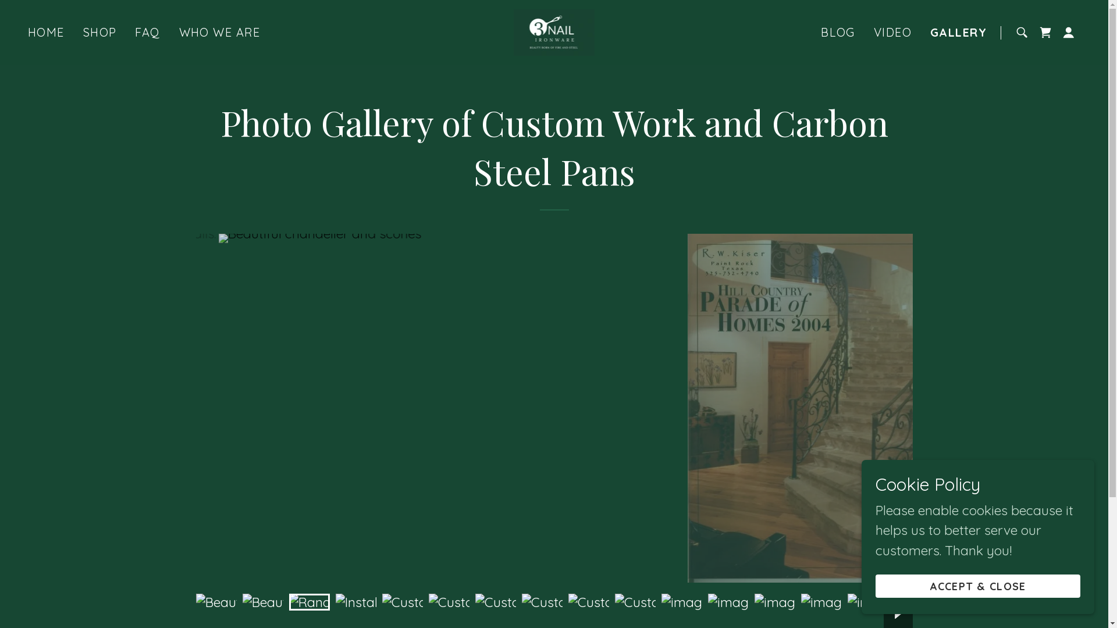 The height and width of the screenshot is (628, 1117). Describe the element at coordinates (892, 32) in the screenshot. I see `'VIDEO'` at that location.